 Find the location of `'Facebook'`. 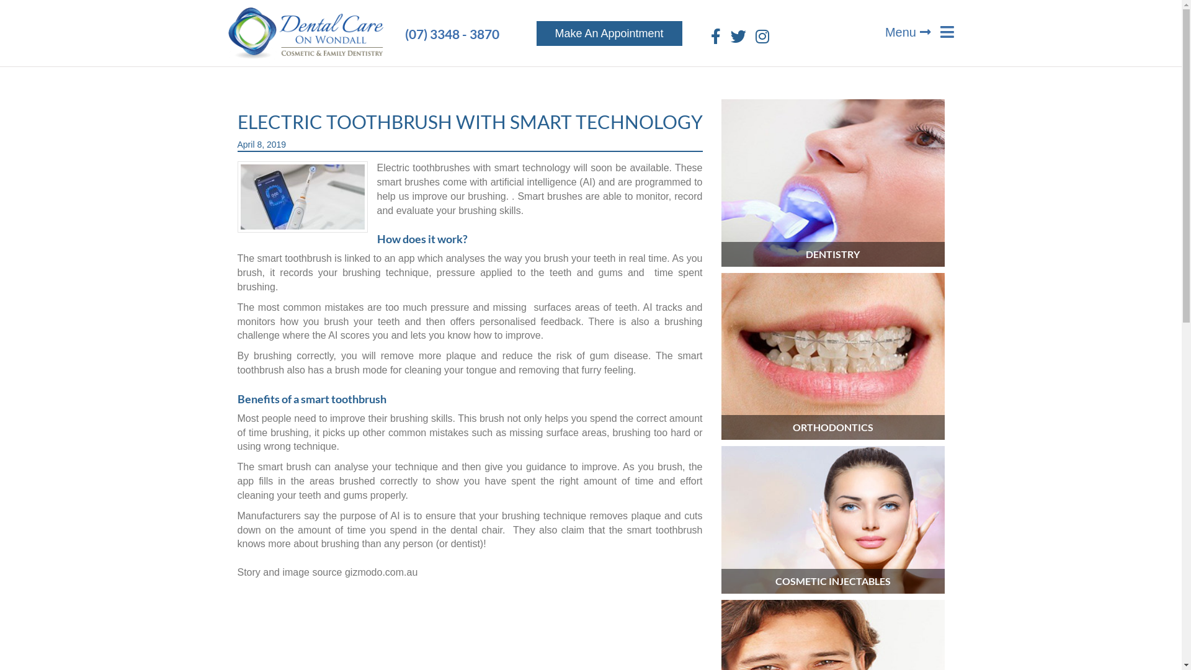

'Facebook' is located at coordinates (715, 35).